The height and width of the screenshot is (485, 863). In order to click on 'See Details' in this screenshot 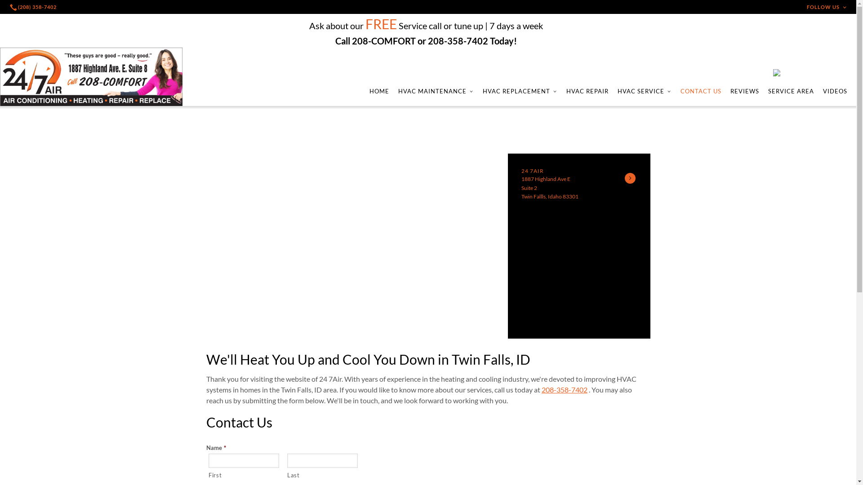, I will do `click(629, 178)`.